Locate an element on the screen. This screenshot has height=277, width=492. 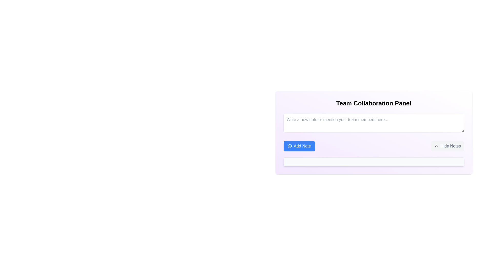
the 'Add Note' button icon, which is located to the left of the text inside the button, visually denoting the action of adding a new note is located at coordinates (290, 146).